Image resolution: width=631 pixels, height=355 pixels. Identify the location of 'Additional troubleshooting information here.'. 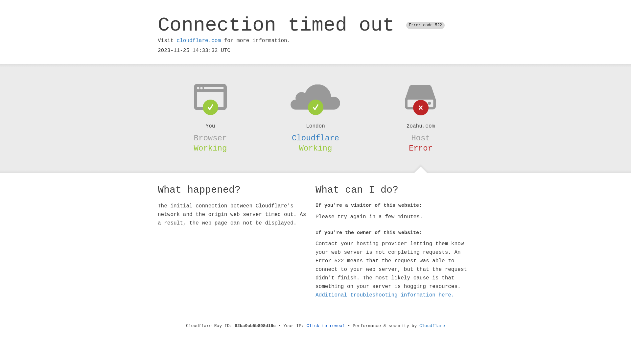
(385, 295).